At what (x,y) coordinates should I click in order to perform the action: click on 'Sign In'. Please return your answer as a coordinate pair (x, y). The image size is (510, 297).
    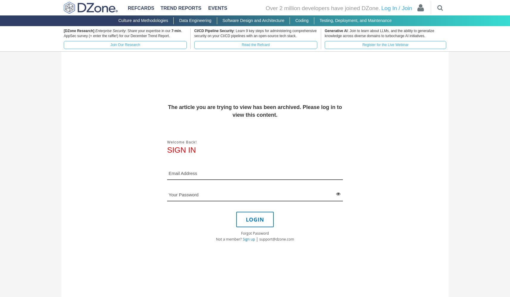
    Looking at the image, I should click on (181, 150).